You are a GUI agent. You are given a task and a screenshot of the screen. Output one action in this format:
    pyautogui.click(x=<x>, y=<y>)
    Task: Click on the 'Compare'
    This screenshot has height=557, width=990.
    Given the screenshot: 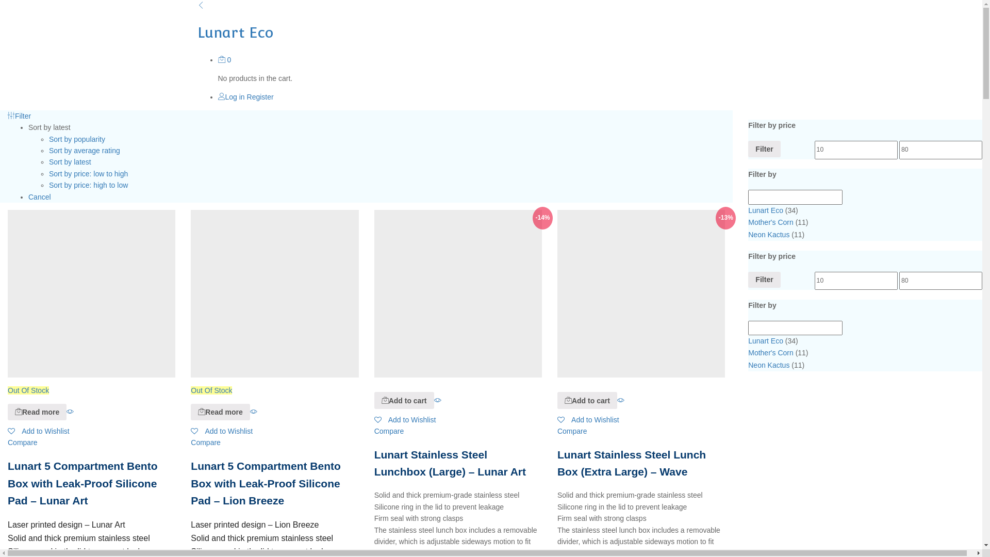 What is the action you would take?
    pyautogui.click(x=22, y=441)
    